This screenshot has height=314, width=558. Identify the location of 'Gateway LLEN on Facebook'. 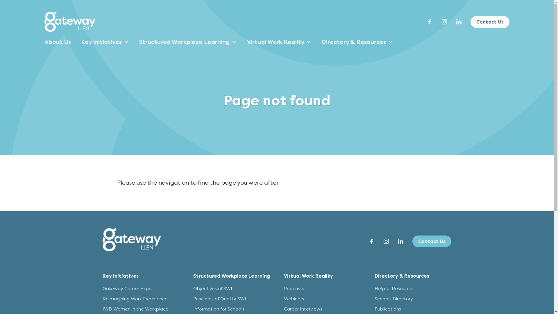
(371, 241).